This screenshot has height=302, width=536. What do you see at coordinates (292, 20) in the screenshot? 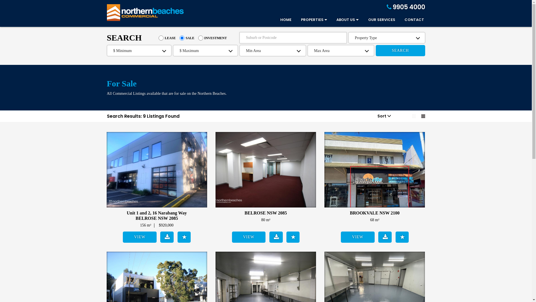
I see `'PROPERTIES'` at bounding box center [292, 20].